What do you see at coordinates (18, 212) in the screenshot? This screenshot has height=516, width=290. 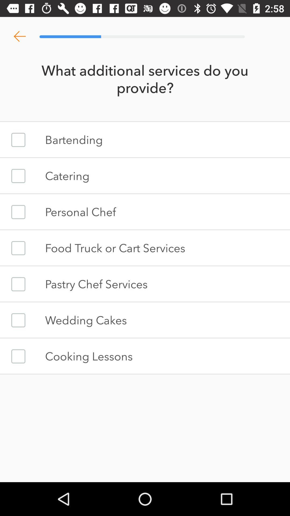 I see `the third check box of the page` at bounding box center [18, 212].